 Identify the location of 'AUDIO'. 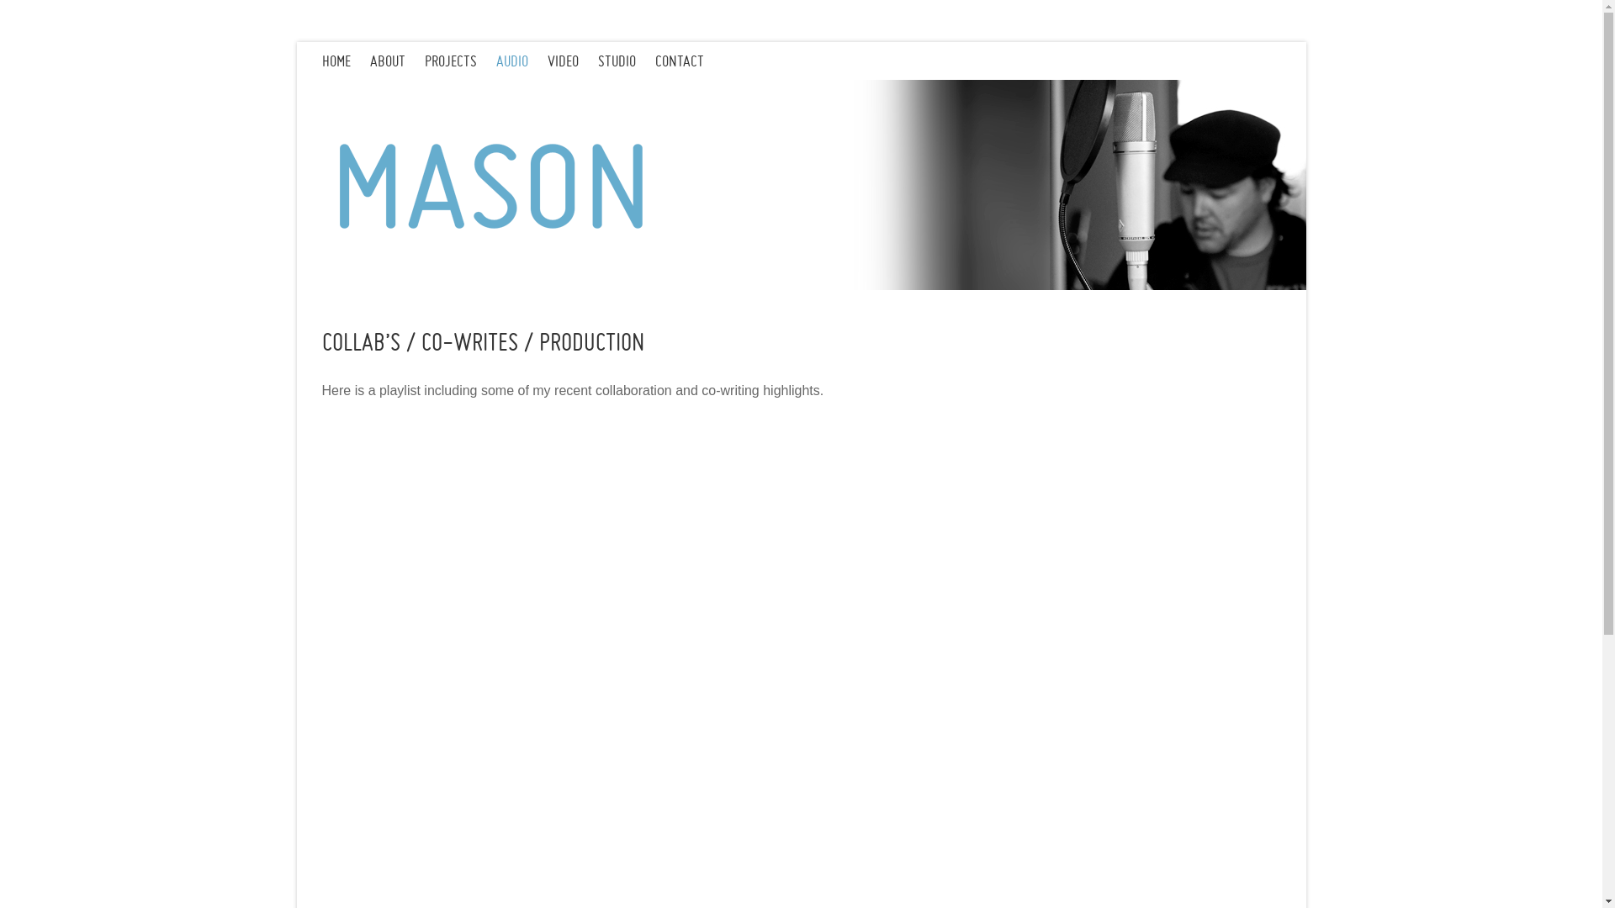
(495, 60).